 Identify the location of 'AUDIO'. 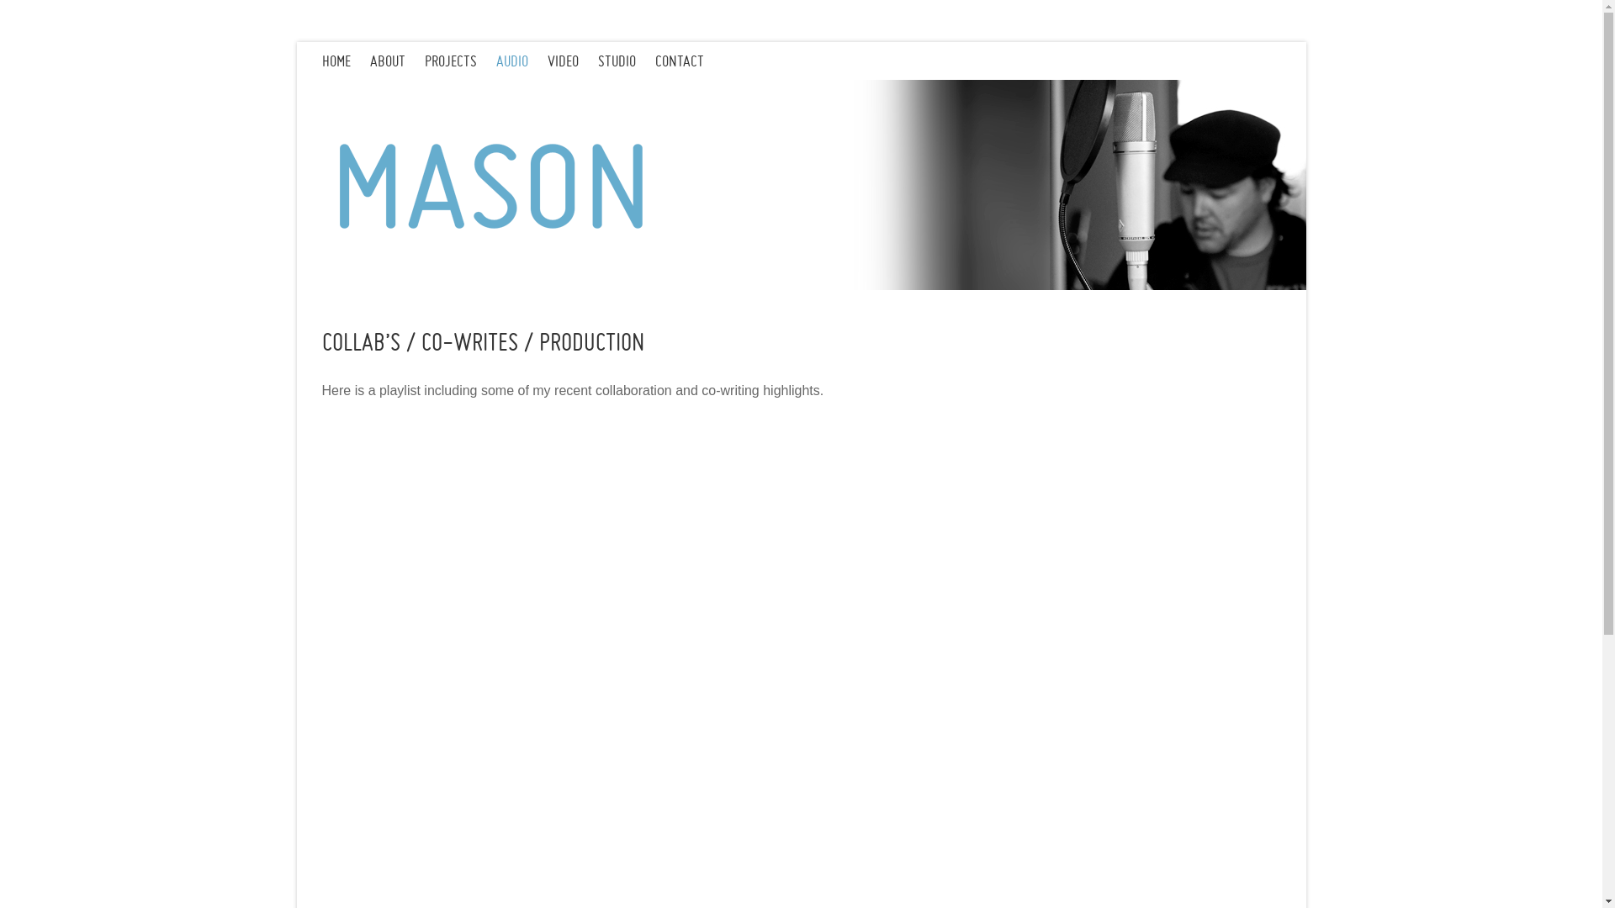
(495, 60).